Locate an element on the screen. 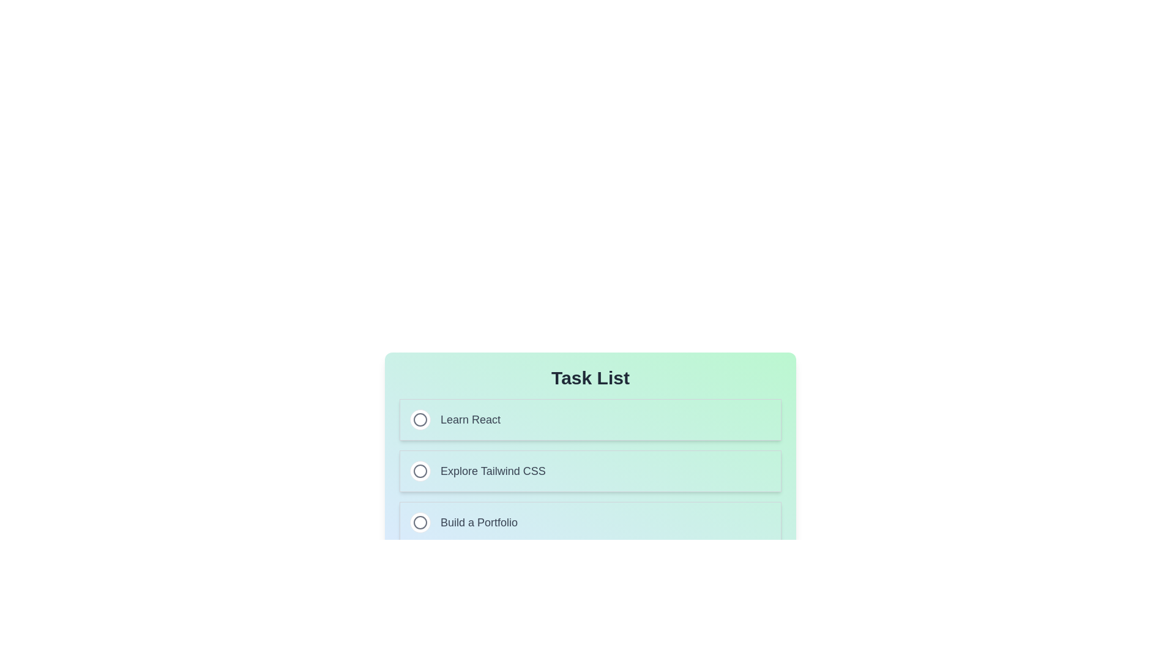 The image size is (1175, 661). the second circular SVG element in the vertical list of radio buttons is located at coordinates (420, 471).